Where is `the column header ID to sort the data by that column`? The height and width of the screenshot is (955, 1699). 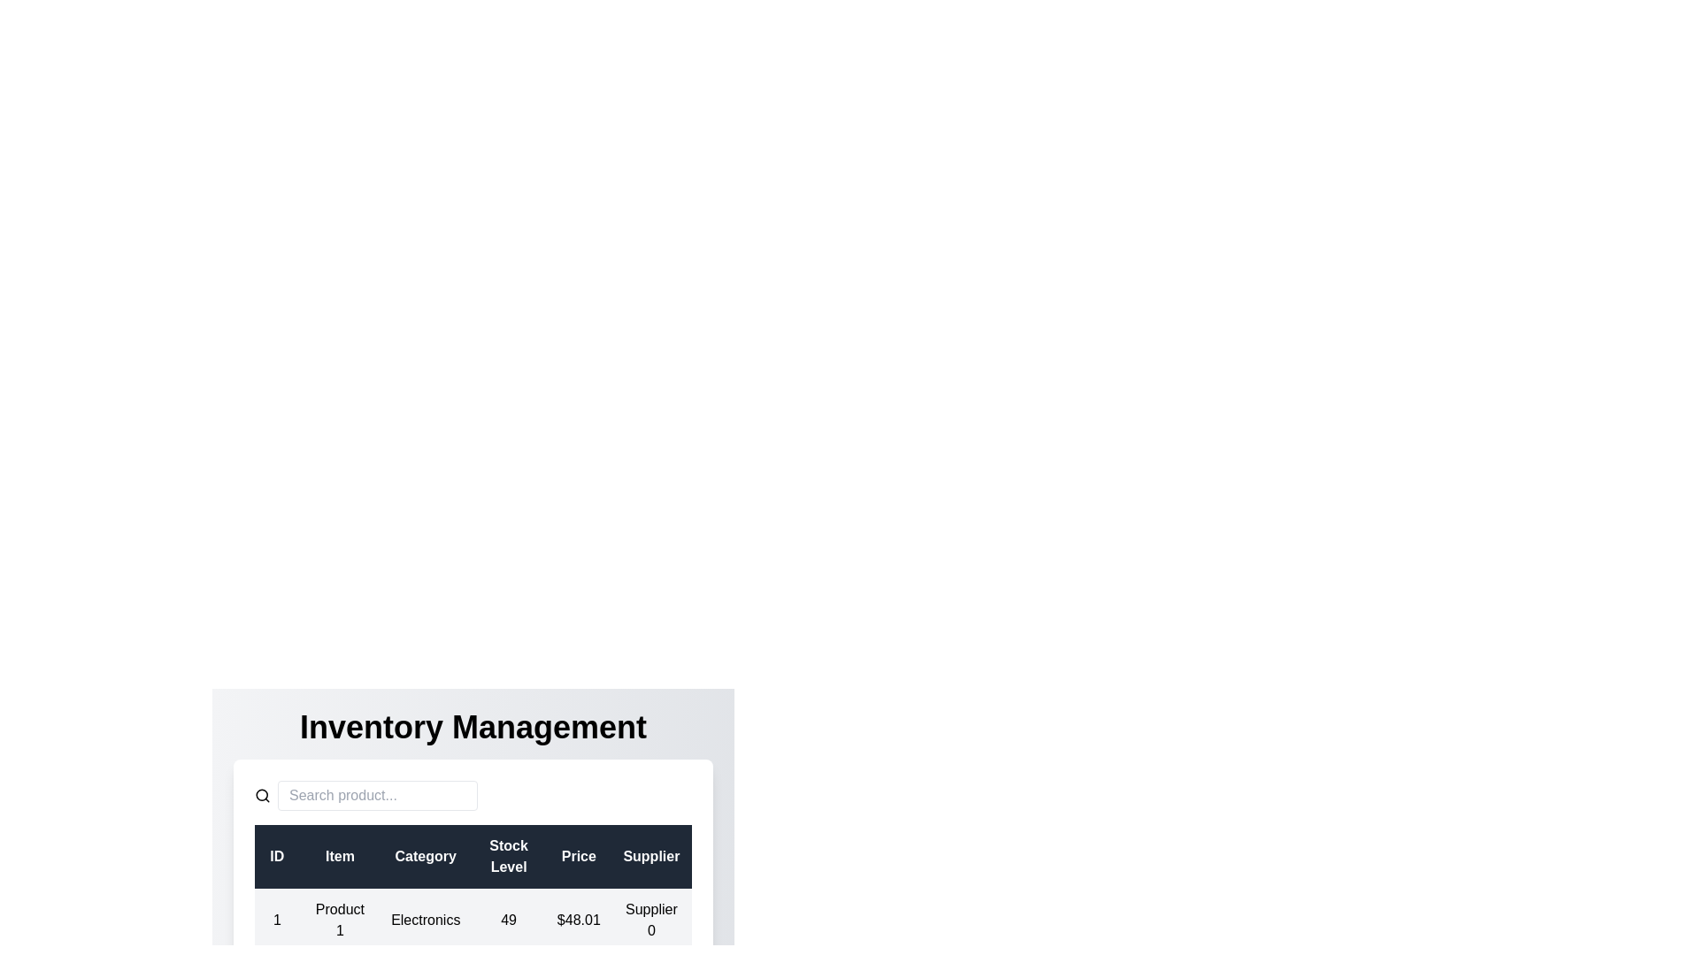 the column header ID to sort the data by that column is located at coordinates (275, 855).